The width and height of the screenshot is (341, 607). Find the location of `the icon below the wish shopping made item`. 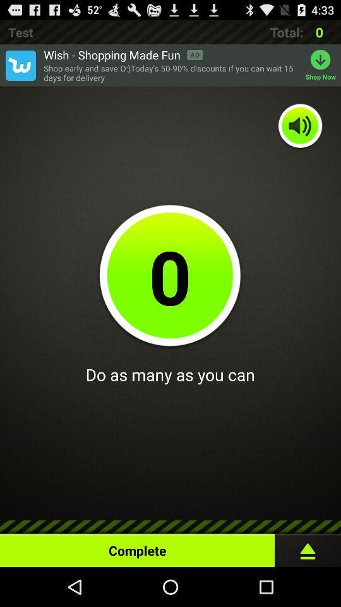

the icon below the wish shopping made item is located at coordinates (170, 73).